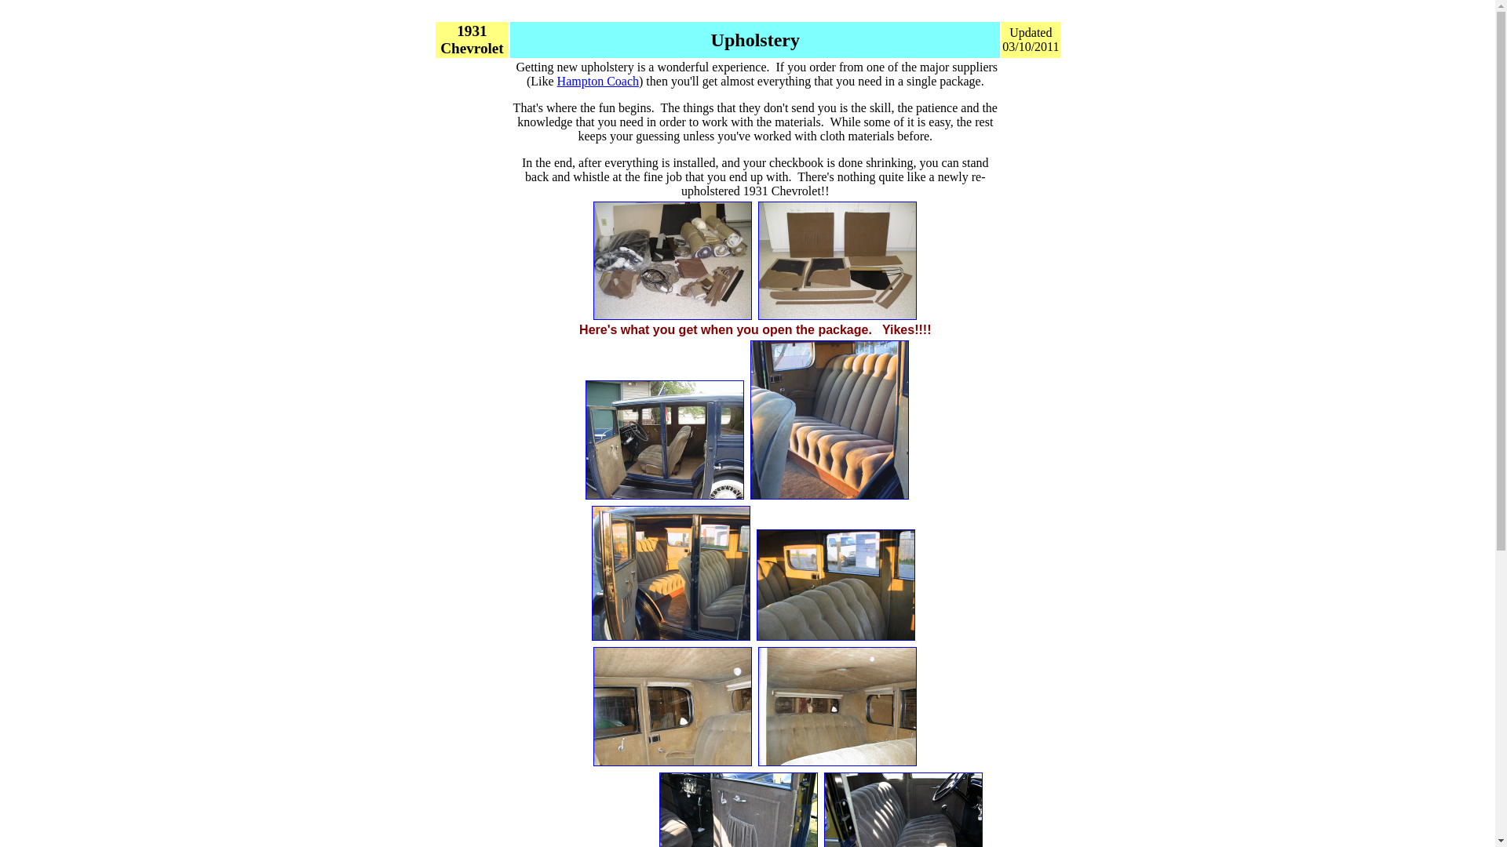 This screenshot has width=1507, height=847. Describe the element at coordinates (597, 81) in the screenshot. I see `'Hampton Coach'` at that location.